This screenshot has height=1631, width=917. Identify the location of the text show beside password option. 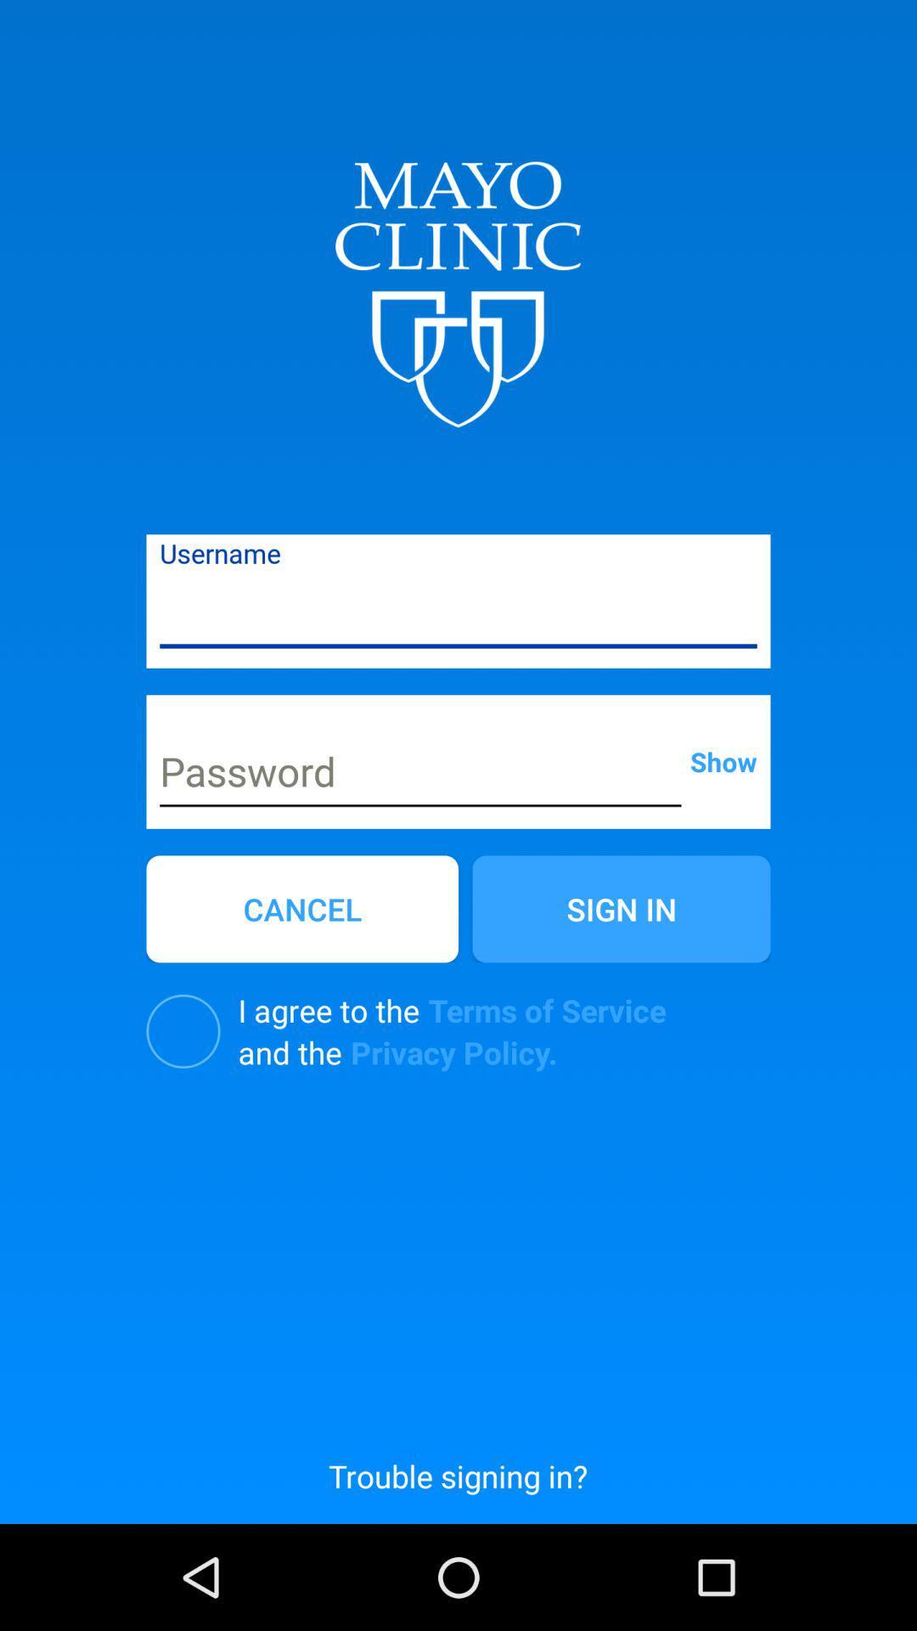
(723, 760).